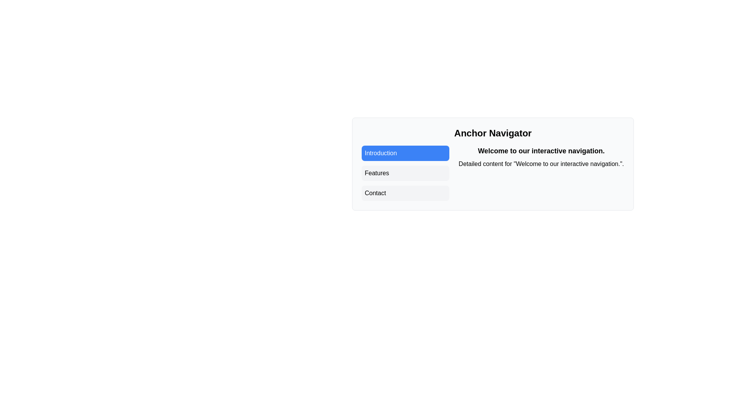 The height and width of the screenshot is (415, 738). What do you see at coordinates (405, 153) in the screenshot?
I see `the 'Introduction' button in the navigation panel` at bounding box center [405, 153].